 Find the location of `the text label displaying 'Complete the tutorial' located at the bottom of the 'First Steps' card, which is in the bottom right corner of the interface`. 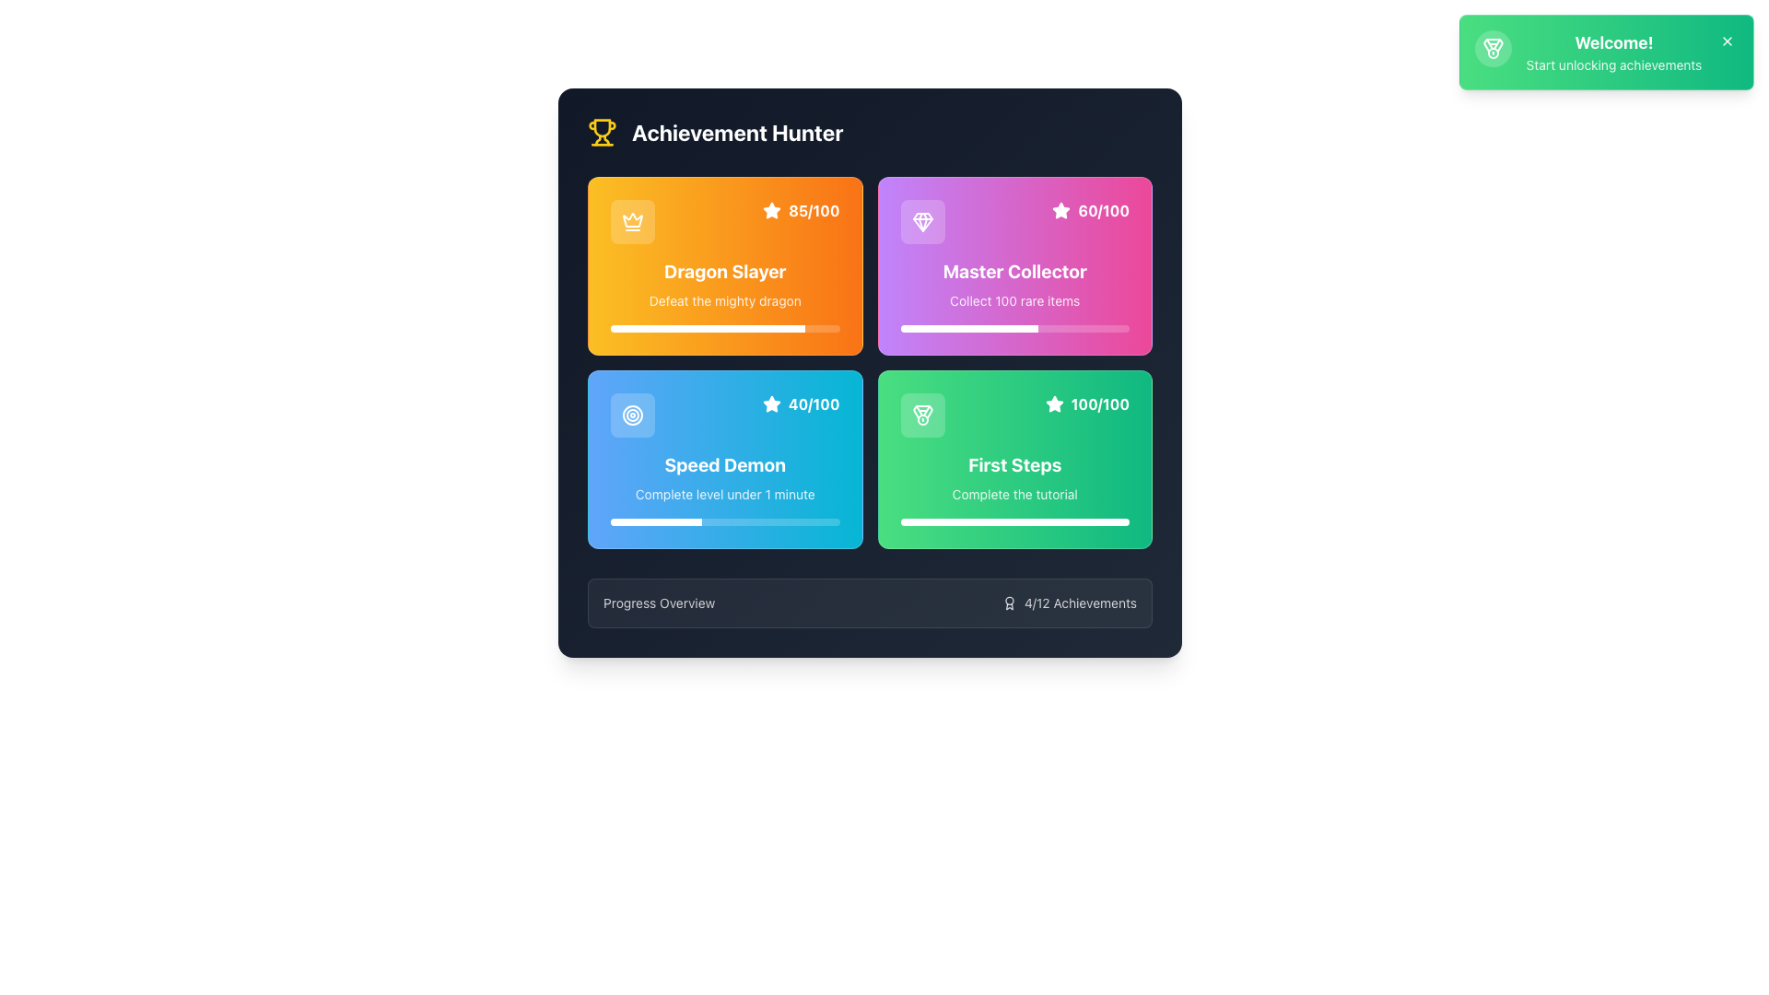

the text label displaying 'Complete the tutorial' located at the bottom of the 'First Steps' card, which is in the bottom right corner of the interface is located at coordinates (1013, 493).